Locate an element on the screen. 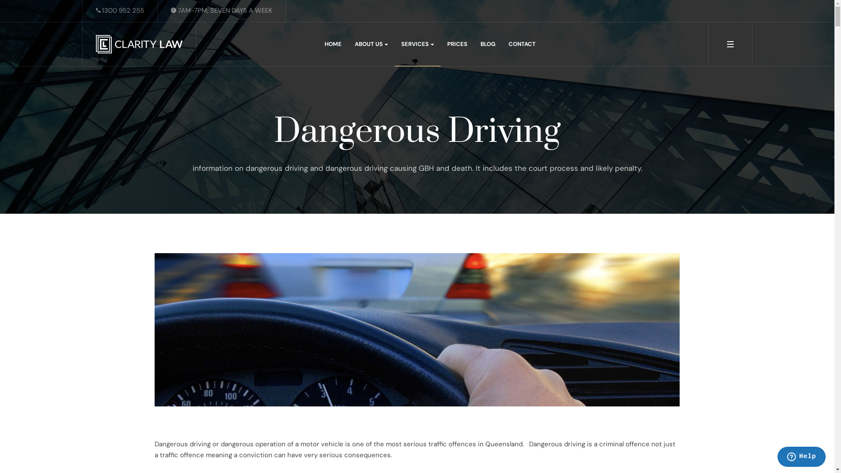 The image size is (841, 473). 'BLOG' is located at coordinates (473, 44).